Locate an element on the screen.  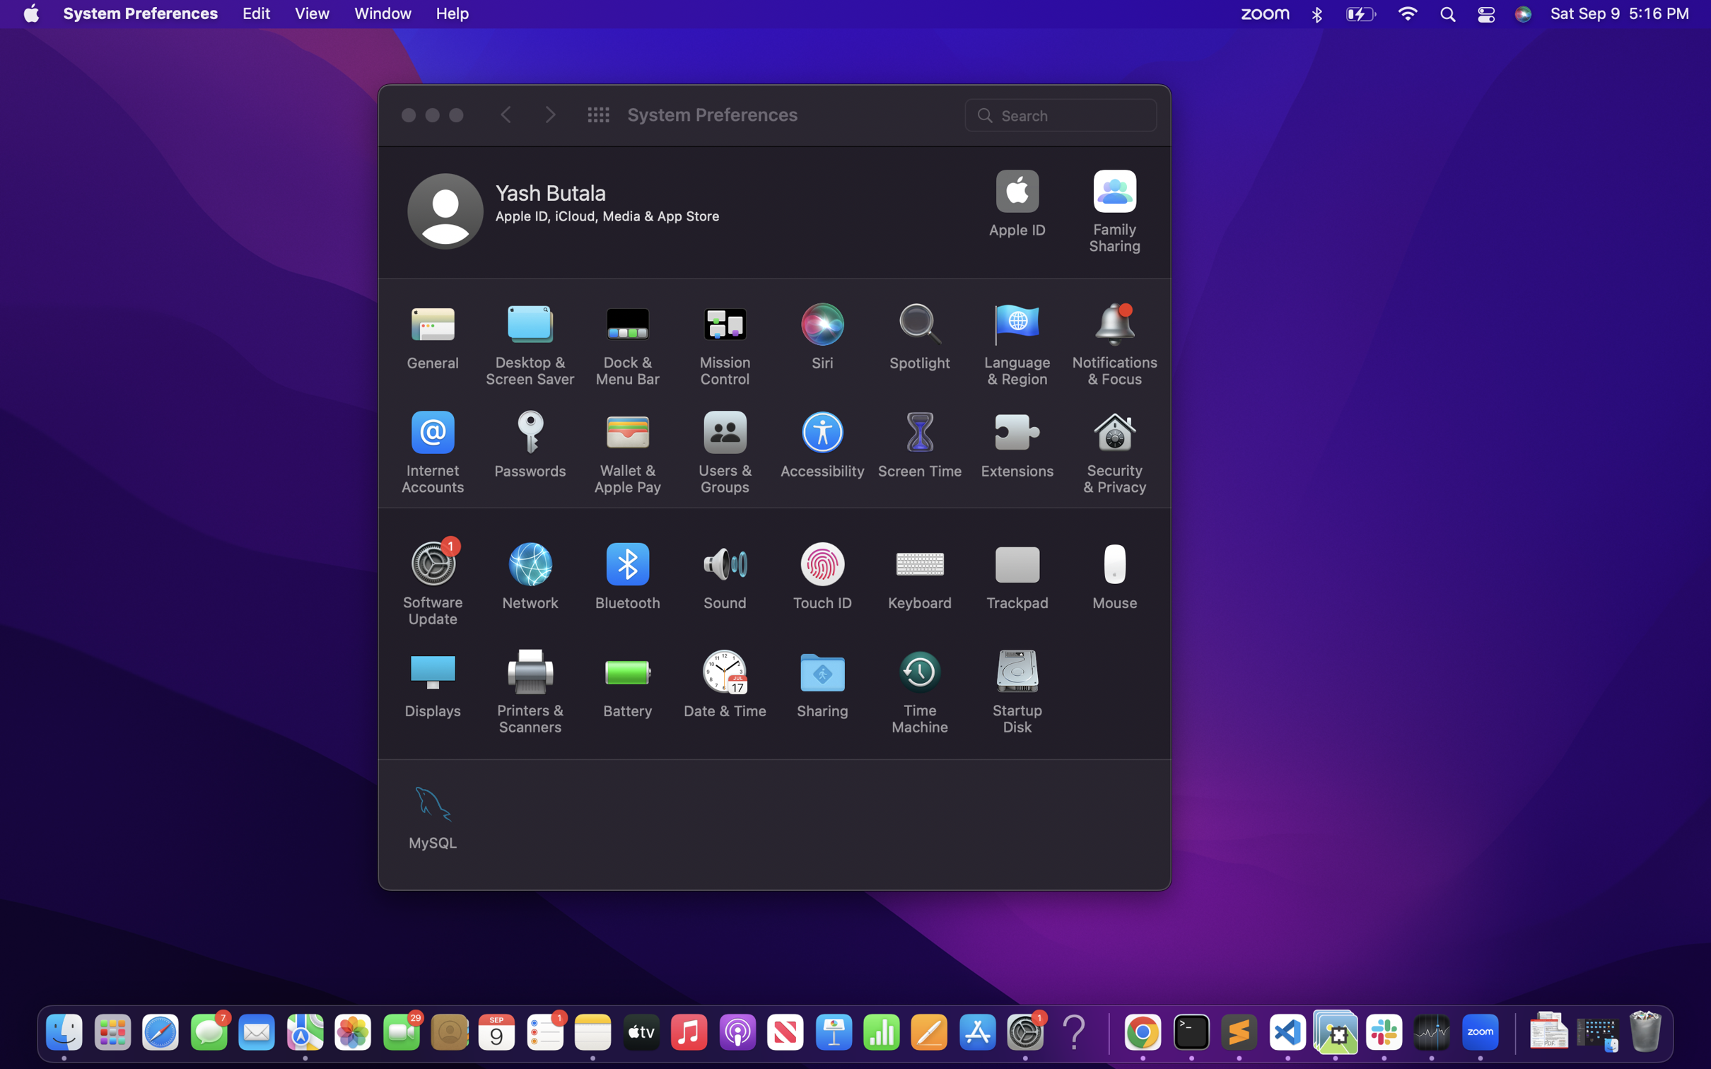
Change the current system time setting is located at coordinates (725, 687).